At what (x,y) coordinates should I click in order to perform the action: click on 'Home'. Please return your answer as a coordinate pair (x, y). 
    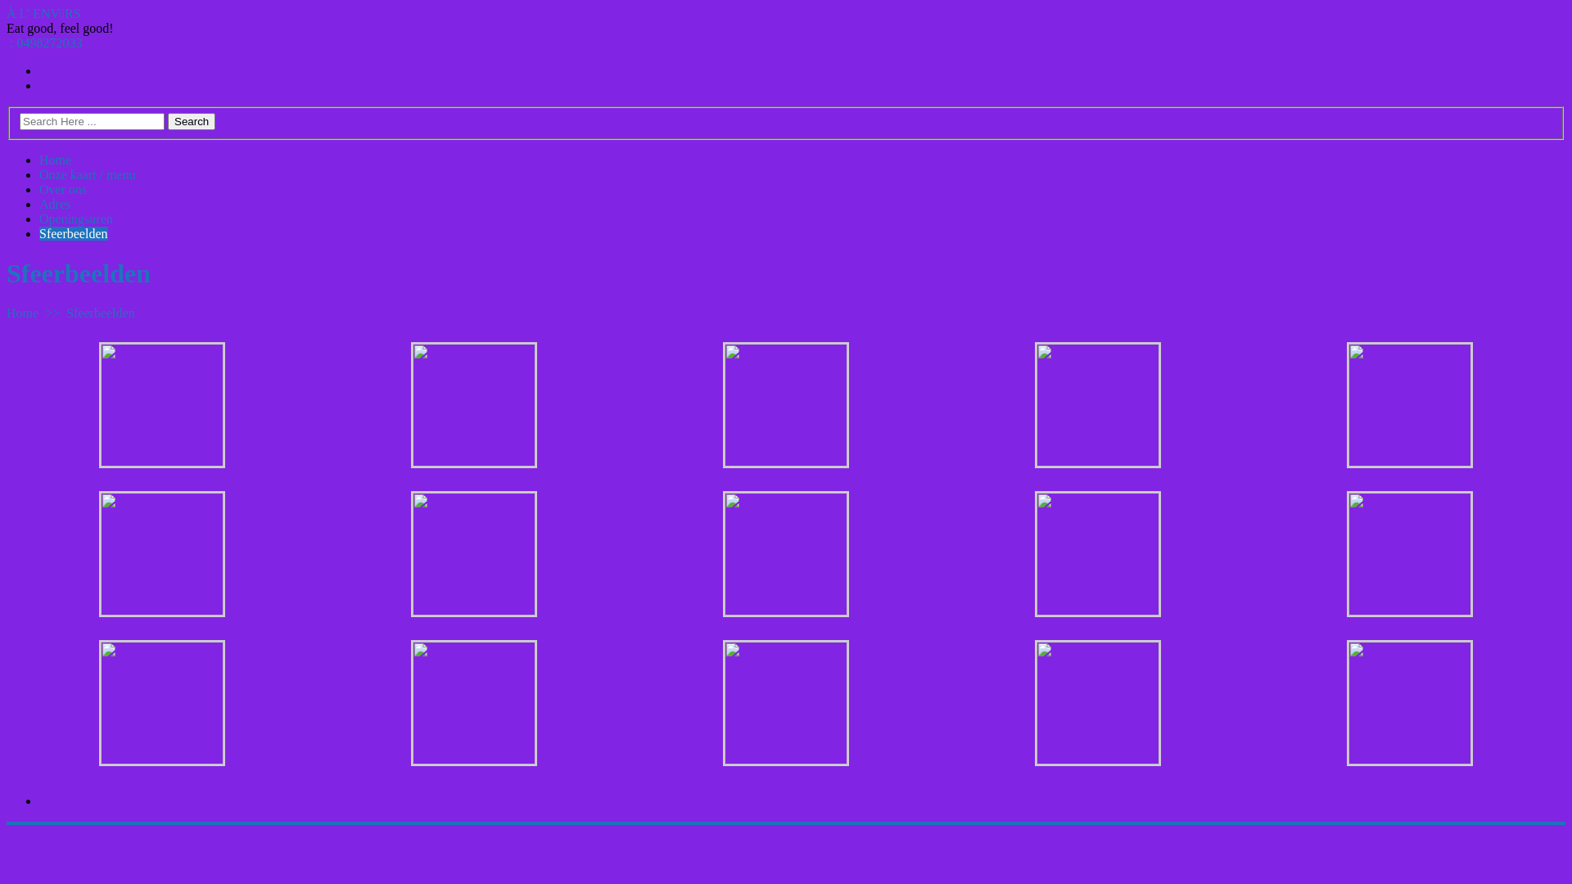
    Looking at the image, I should click on (22, 313).